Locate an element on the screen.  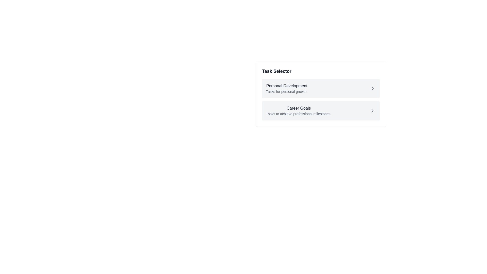
the list item titled 'Career Goals' which is the second item is located at coordinates (299, 110).